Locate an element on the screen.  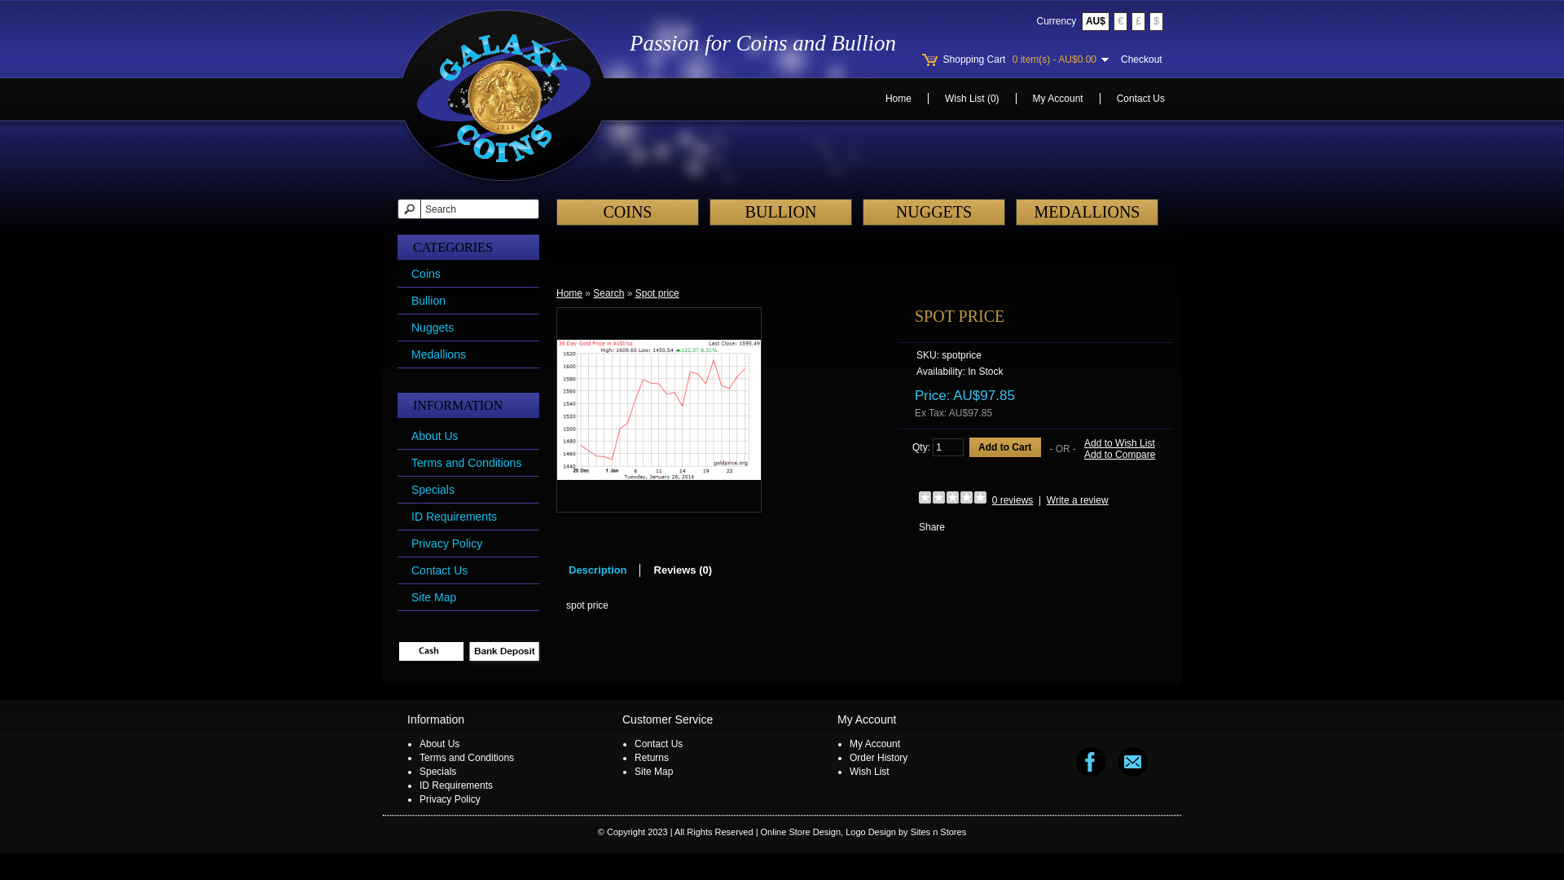
'Description' is located at coordinates (597, 569).